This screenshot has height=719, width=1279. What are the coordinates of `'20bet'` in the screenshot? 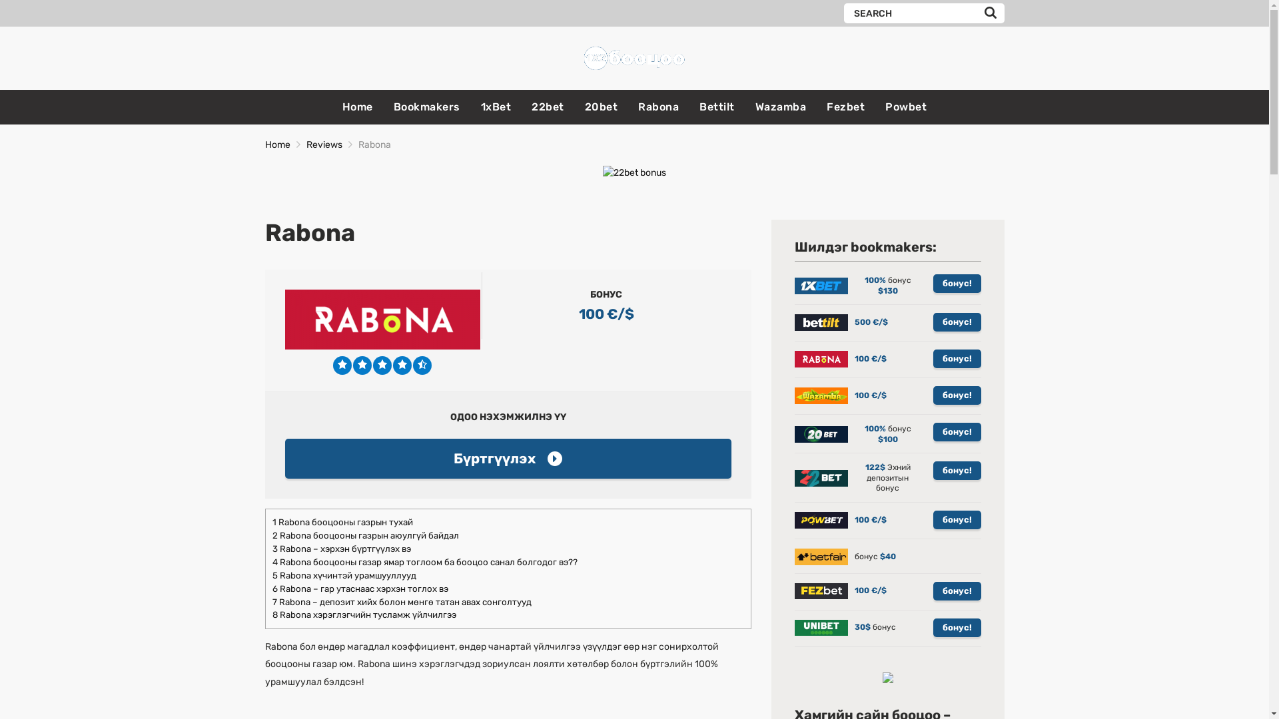 It's located at (600, 107).